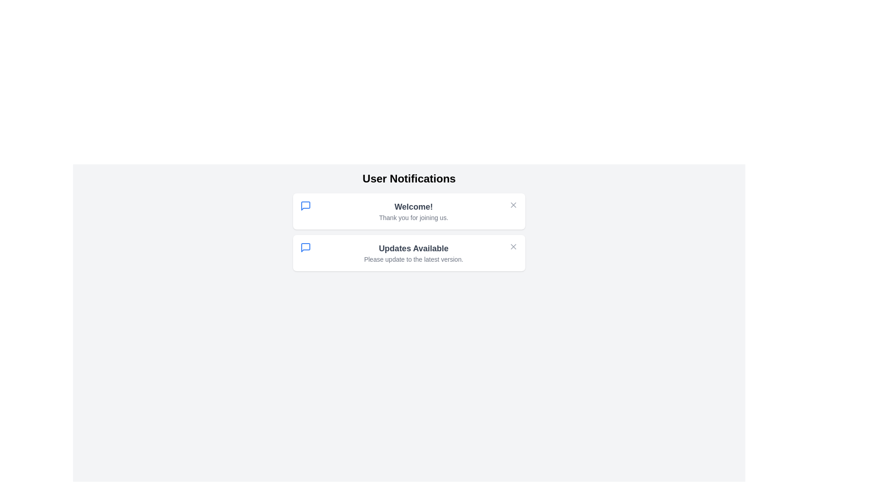 Image resolution: width=871 pixels, height=489 pixels. Describe the element at coordinates (514, 205) in the screenshot. I see `the small gray button with an 'X' icon located in the top-right corner of the 'Welcome!' notification card to change its color to red` at that location.